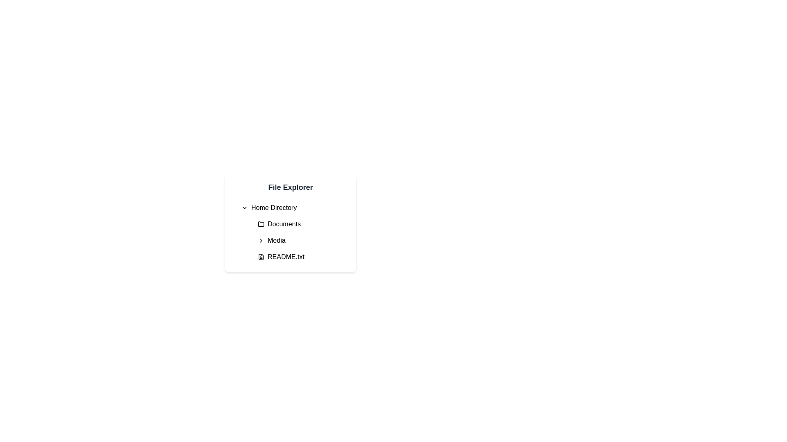 This screenshot has width=787, height=442. Describe the element at coordinates (286, 257) in the screenshot. I see `the 'README.txt' text label located under the 'Media' folder` at that location.